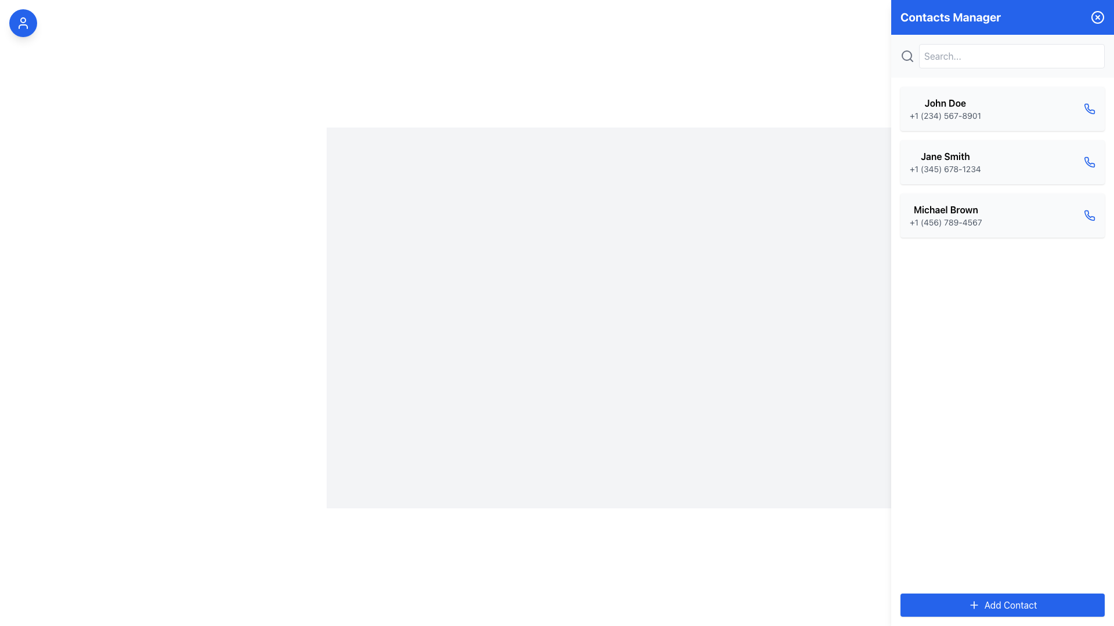  Describe the element at coordinates (945, 156) in the screenshot. I see `the bold label displaying the contact name in the second contact card from the top` at that location.